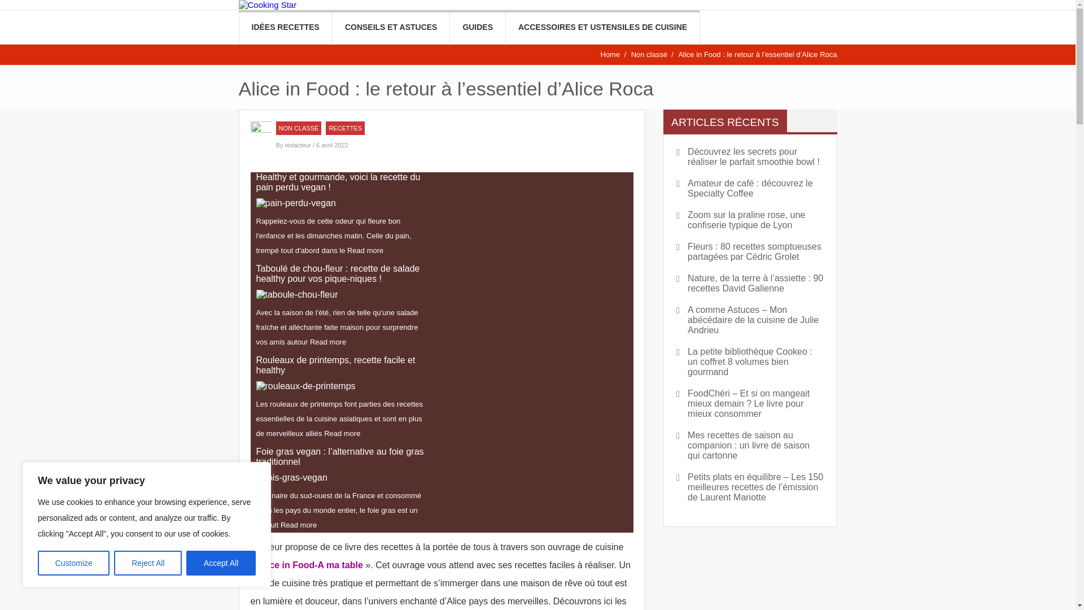 Image resolution: width=1084 pixels, height=610 pixels. Describe the element at coordinates (342, 365) in the screenshot. I see `'Rouleaux de printemps, recette facile et healthy'` at that location.